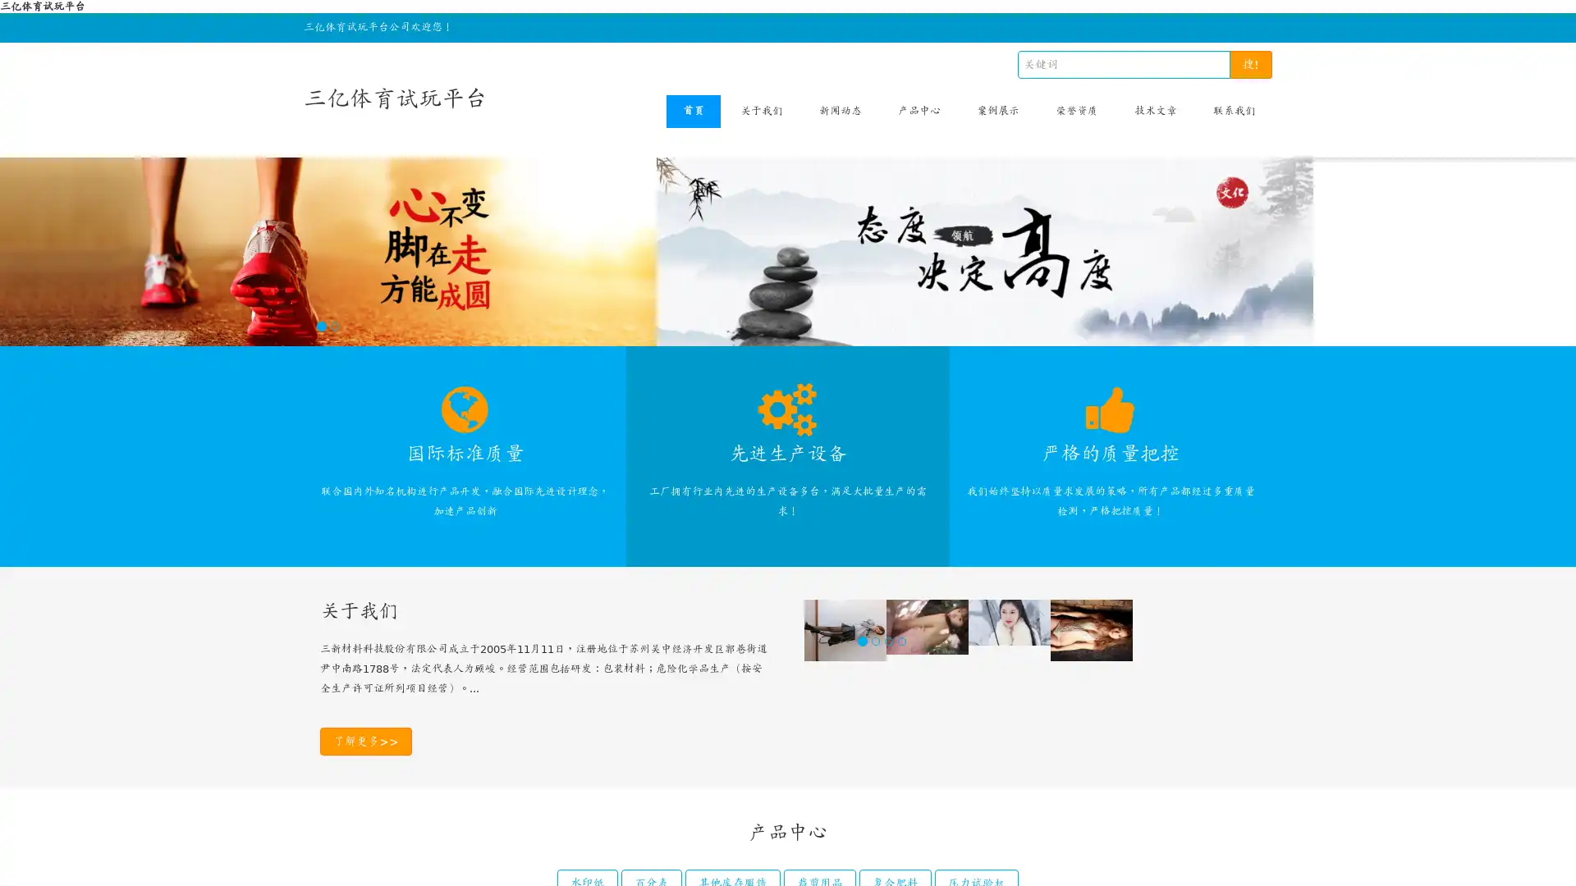 Image resolution: width=1576 pixels, height=886 pixels. I want to click on !, so click(1250, 63).